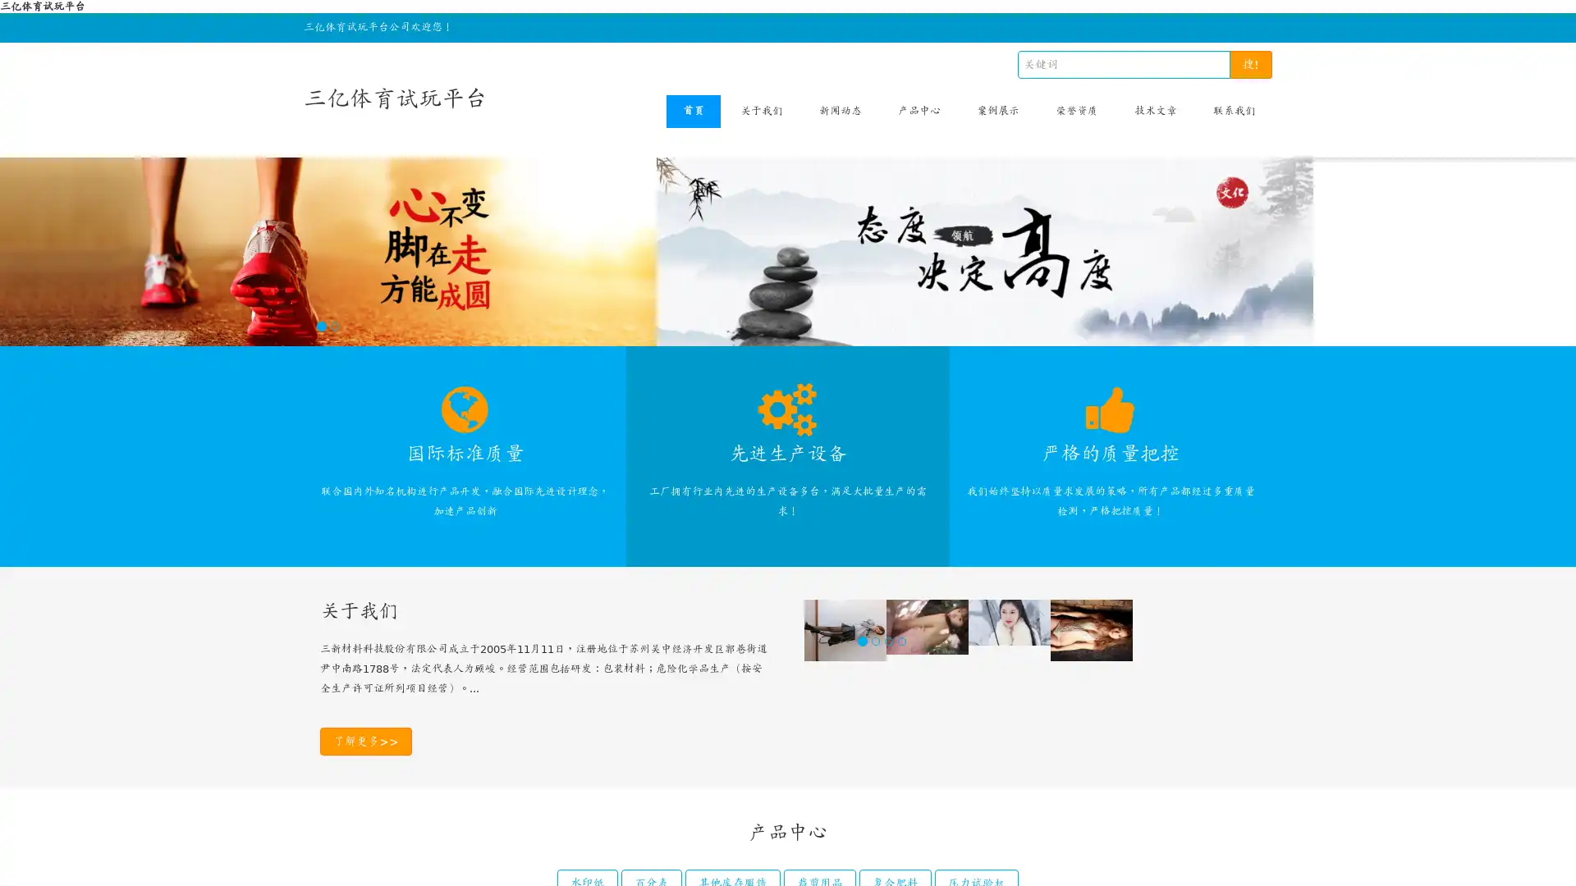 Image resolution: width=1576 pixels, height=886 pixels. I want to click on !, so click(1250, 63).